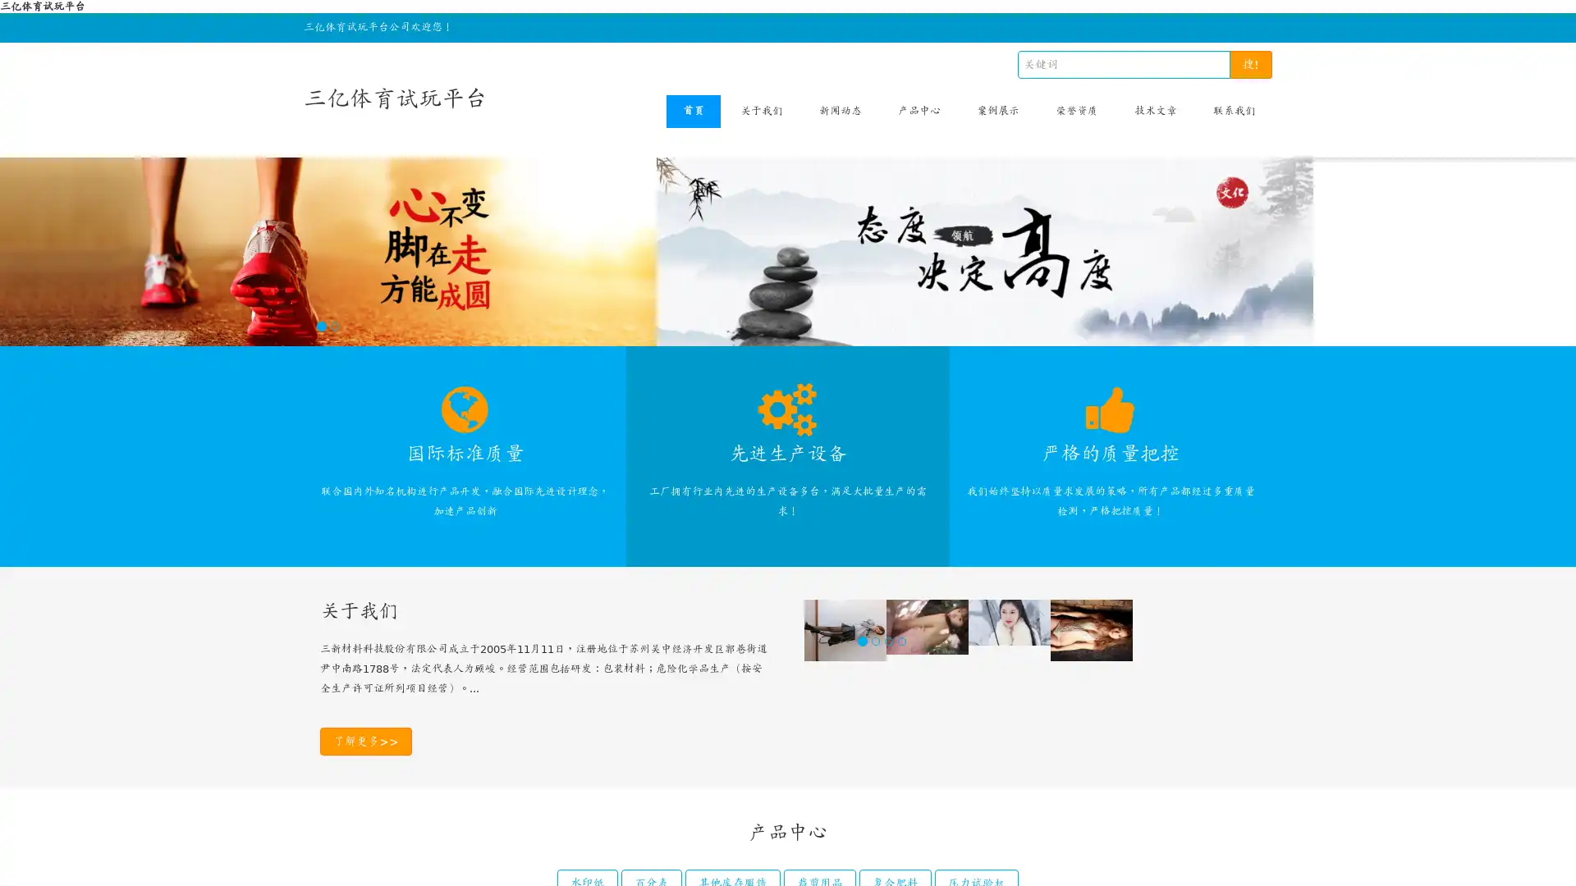 Image resolution: width=1576 pixels, height=886 pixels. I want to click on !, so click(1250, 63).